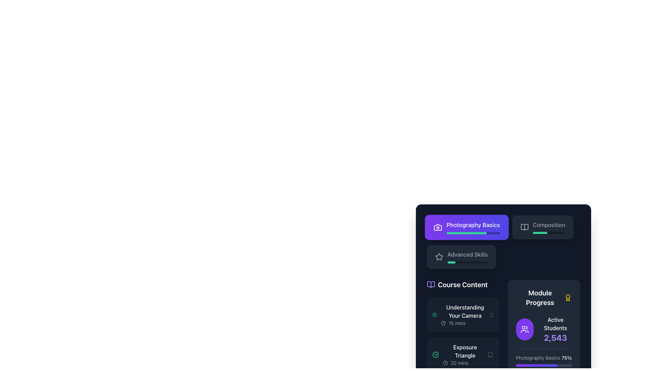  Describe the element at coordinates (537, 357) in the screenshot. I see `the 'Photography Basics' text label located in the 'Module Progress' section, positioned to the left of the '75%' element` at that location.